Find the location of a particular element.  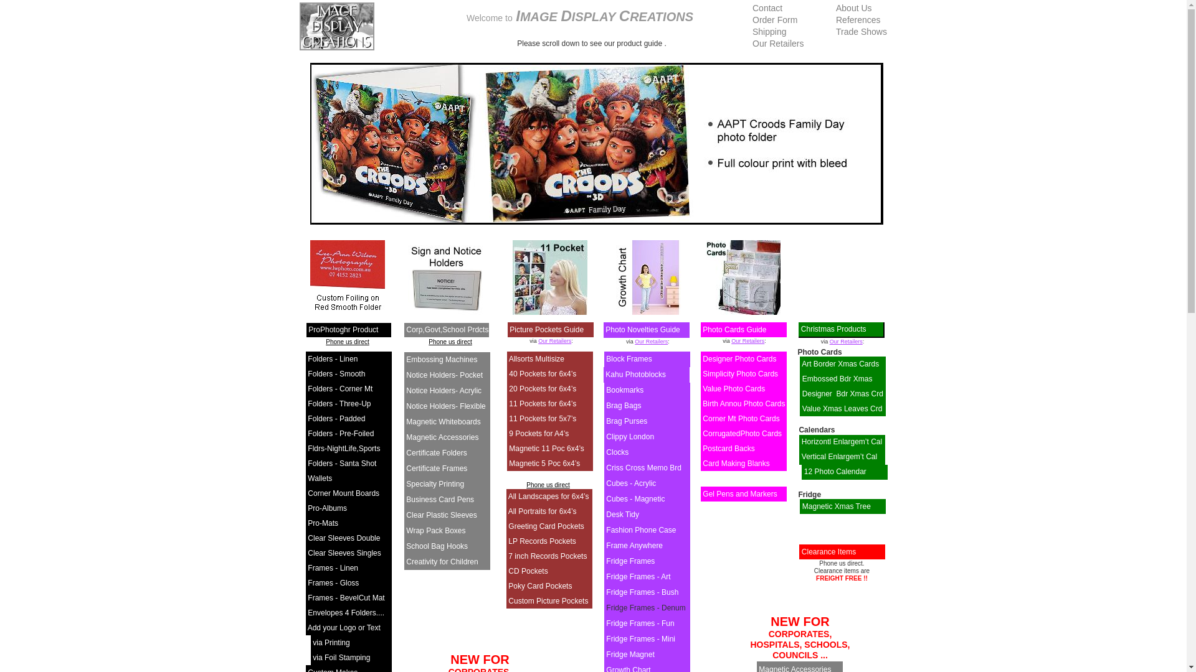

'Pro-Mats' is located at coordinates (323, 523).